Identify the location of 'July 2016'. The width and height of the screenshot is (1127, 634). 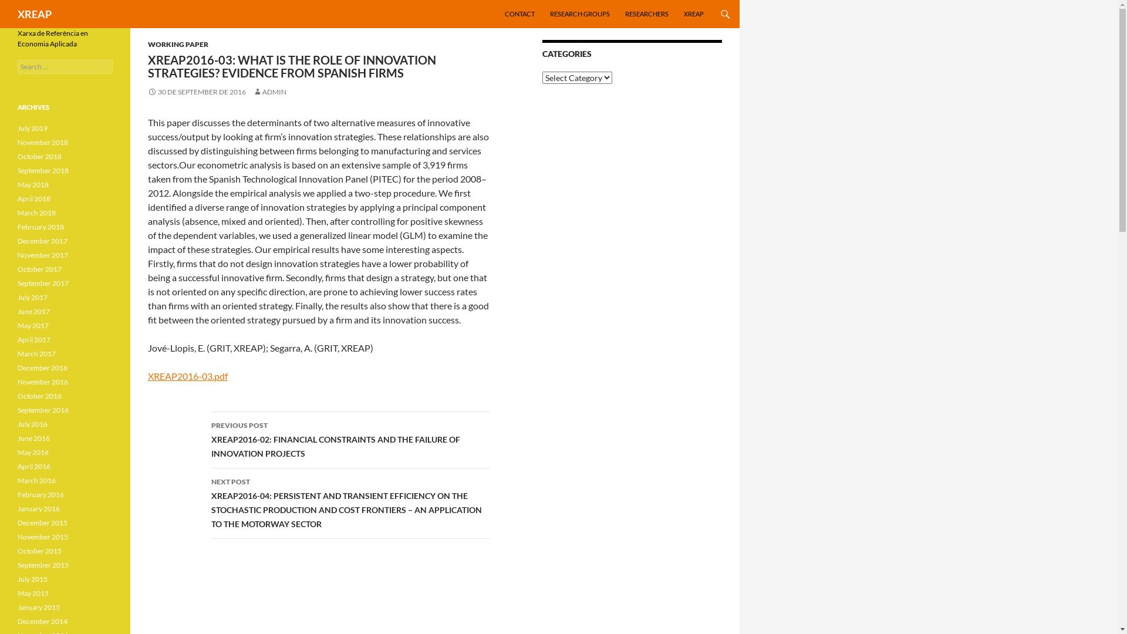
(17, 424).